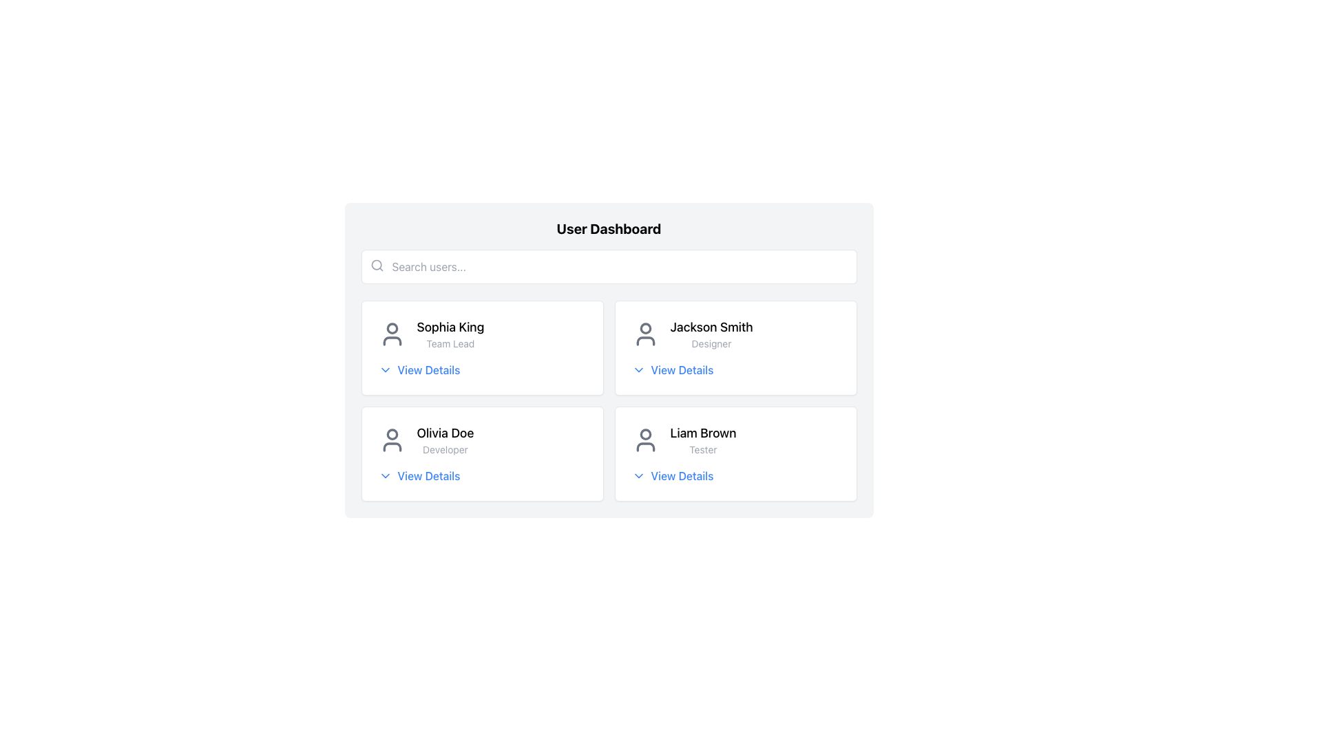 The height and width of the screenshot is (743, 1322). What do you see at coordinates (445, 432) in the screenshot?
I see `the text label displaying 'Olivia Doe', which is styled in bold black font and positioned above the 'Developer' role label within the user profile box` at bounding box center [445, 432].